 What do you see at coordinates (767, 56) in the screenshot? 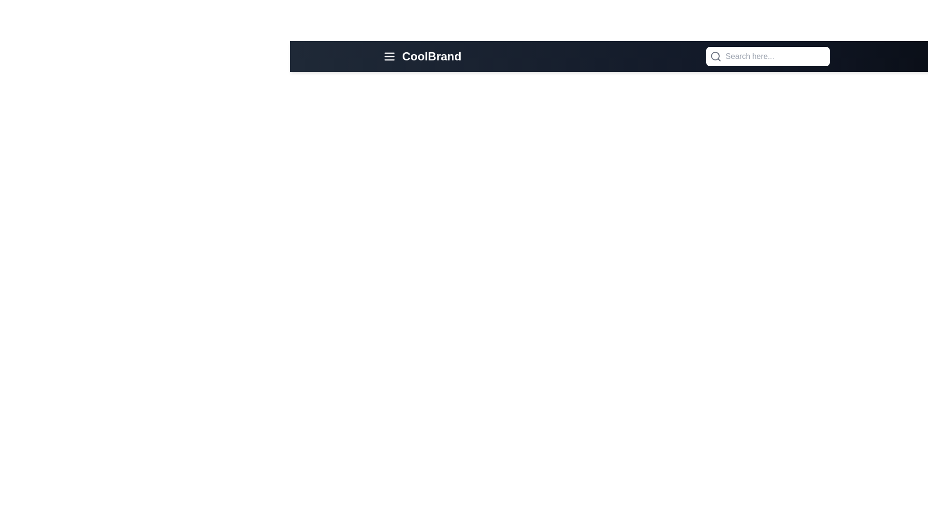
I see `the search input field to focus it` at bounding box center [767, 56].